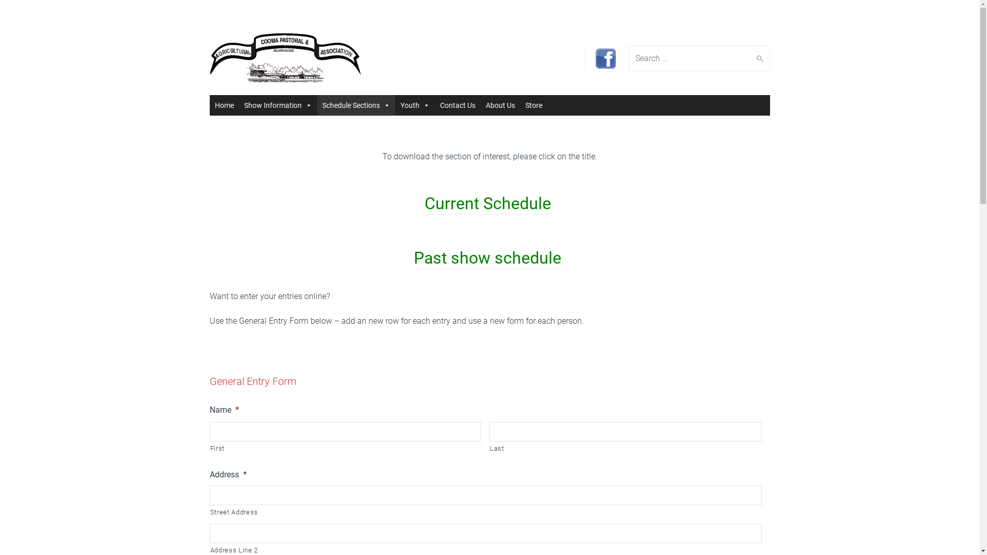 The image size is (987, 555). Describe the element at coordinates (355, 105) in the screenshot. I see `'Schedule Sections'` at that location.